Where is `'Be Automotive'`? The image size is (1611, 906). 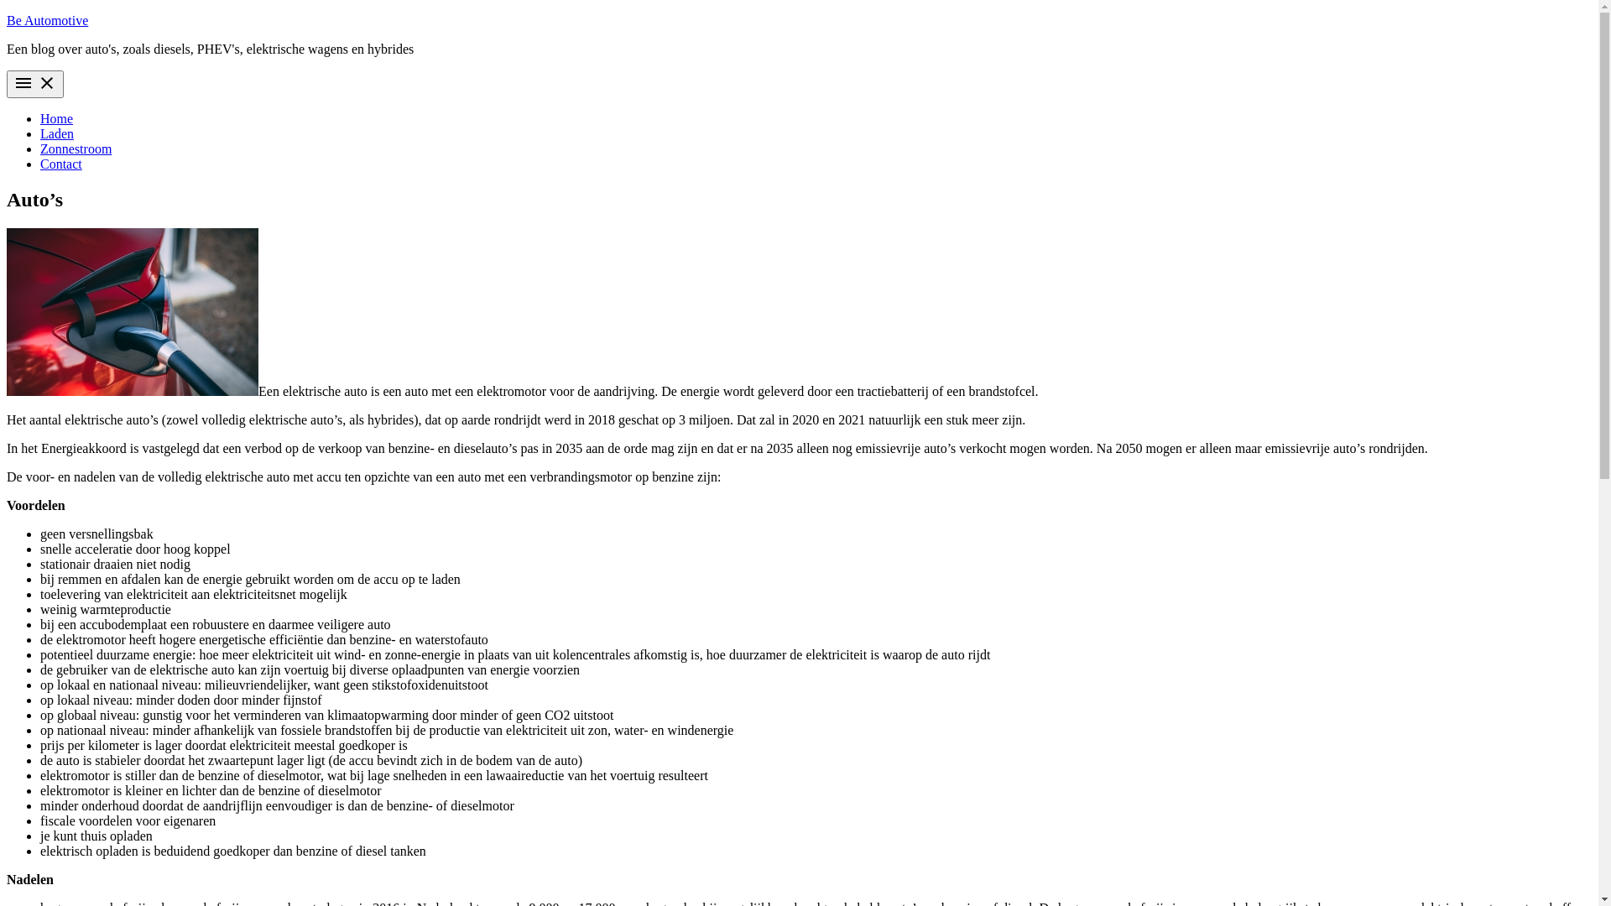
'Be Automotive' is located at coordinates (47, 20).